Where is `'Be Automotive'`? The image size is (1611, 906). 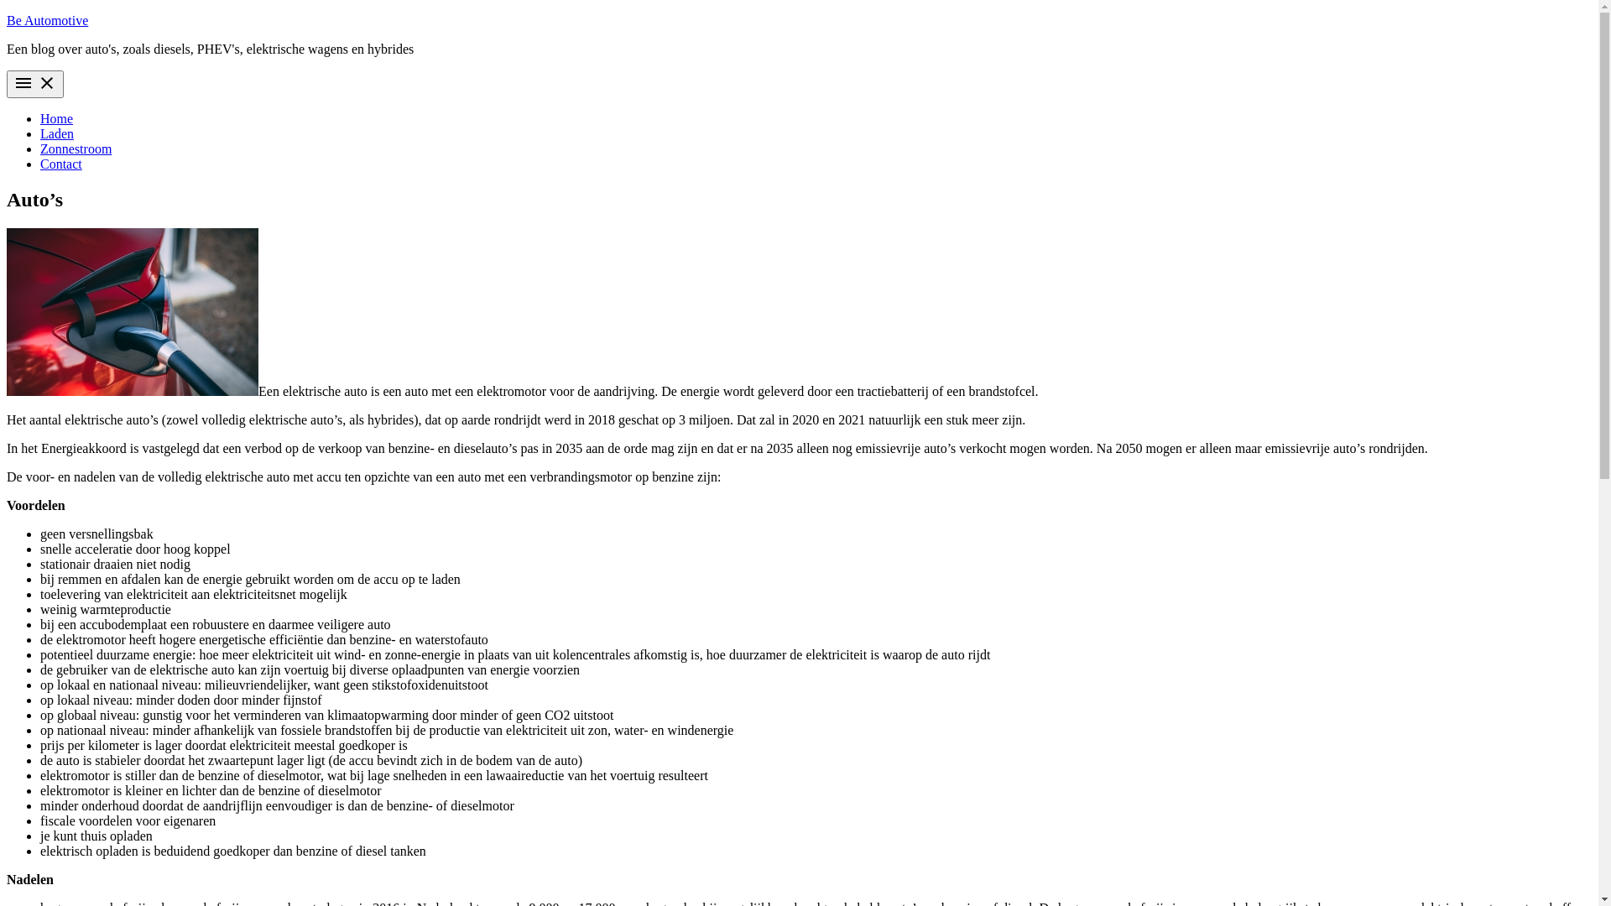
'Be Automotive' is located at coordinates (47, 20).